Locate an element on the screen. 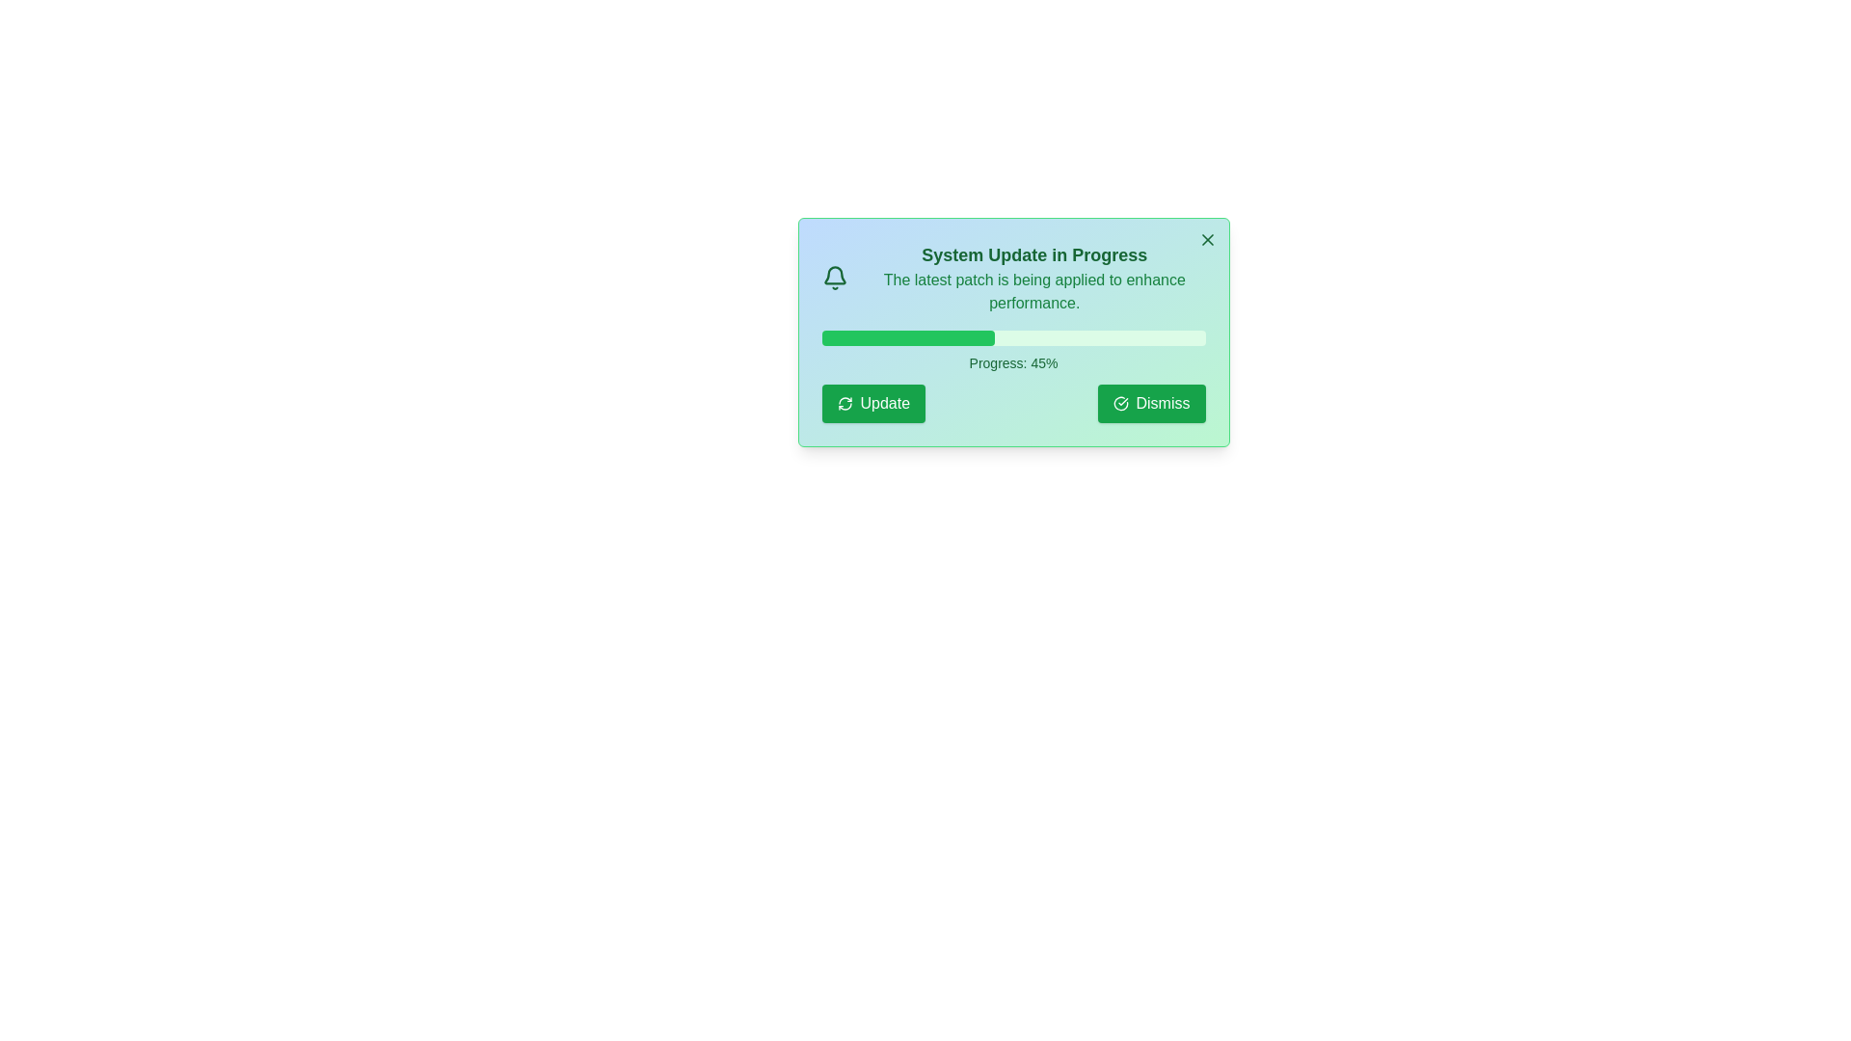  the progress bar to 48% by adjusting its width is located at coordinates (1005, 337).